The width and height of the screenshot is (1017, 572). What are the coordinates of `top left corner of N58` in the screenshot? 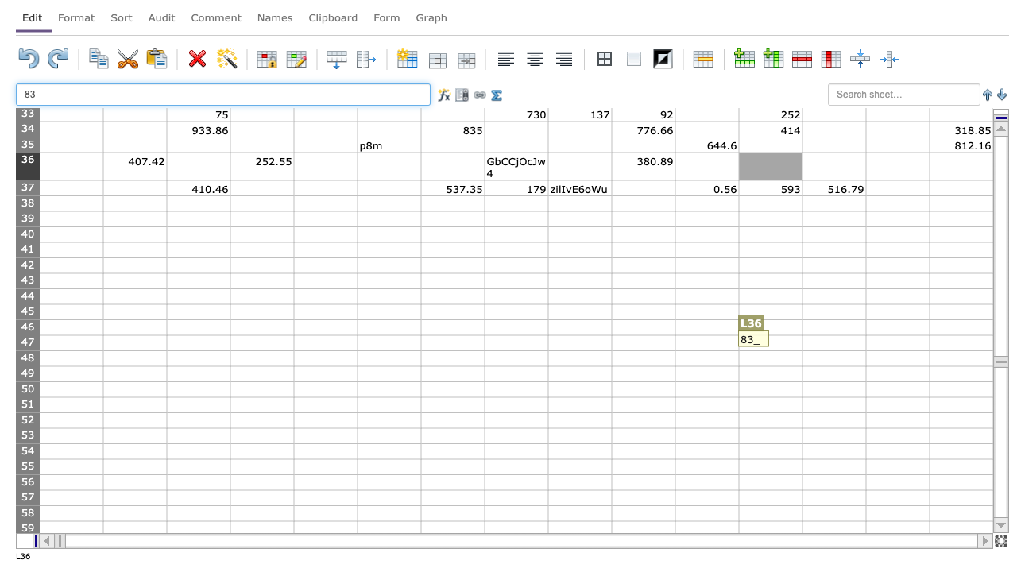 It's located at (865, 505).